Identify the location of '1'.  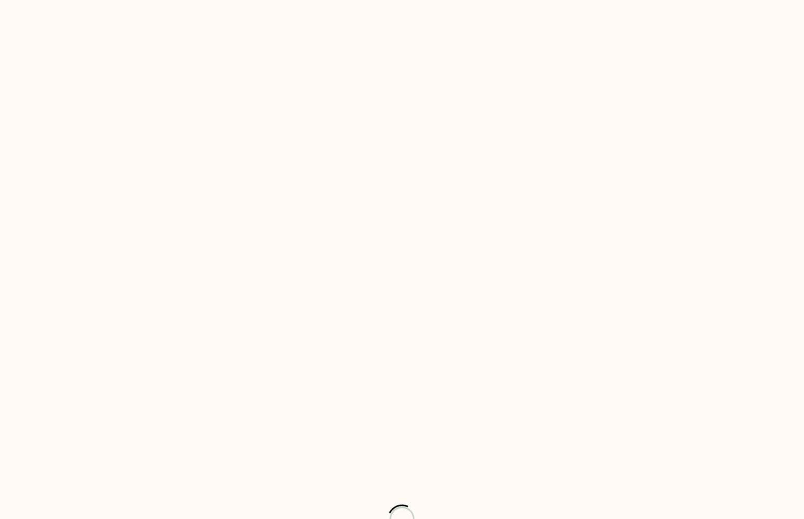
(531, 476).